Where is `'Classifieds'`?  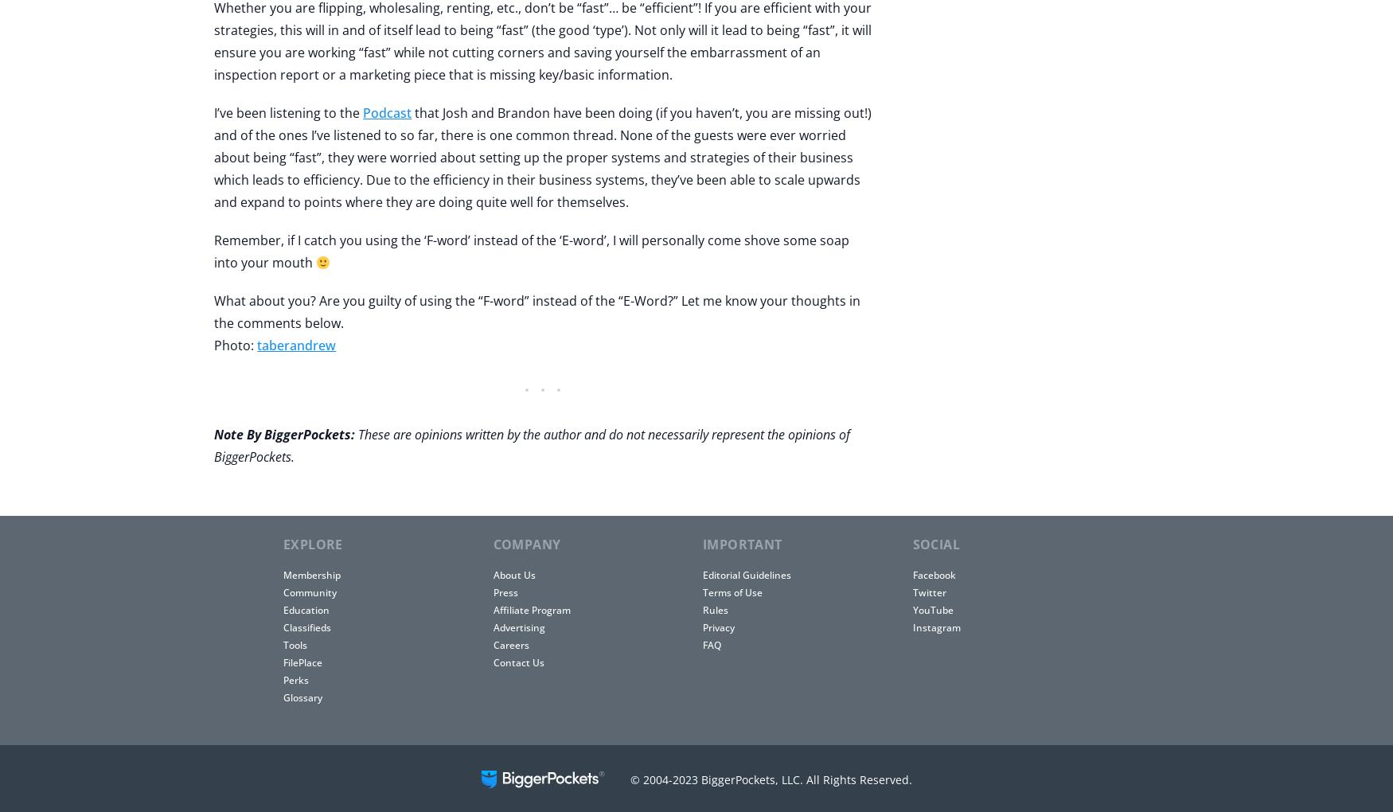
'Classifieds' is located at coordinates (283, 627).